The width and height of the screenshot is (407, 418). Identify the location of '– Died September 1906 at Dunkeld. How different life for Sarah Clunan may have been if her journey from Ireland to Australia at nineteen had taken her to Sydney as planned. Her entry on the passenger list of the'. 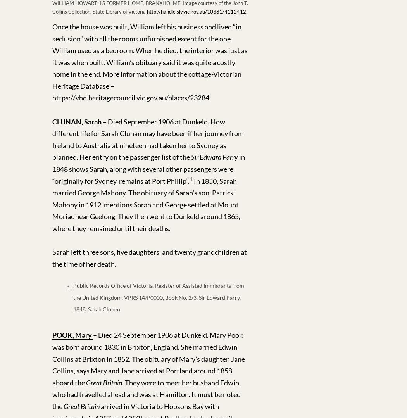
(52, 139).